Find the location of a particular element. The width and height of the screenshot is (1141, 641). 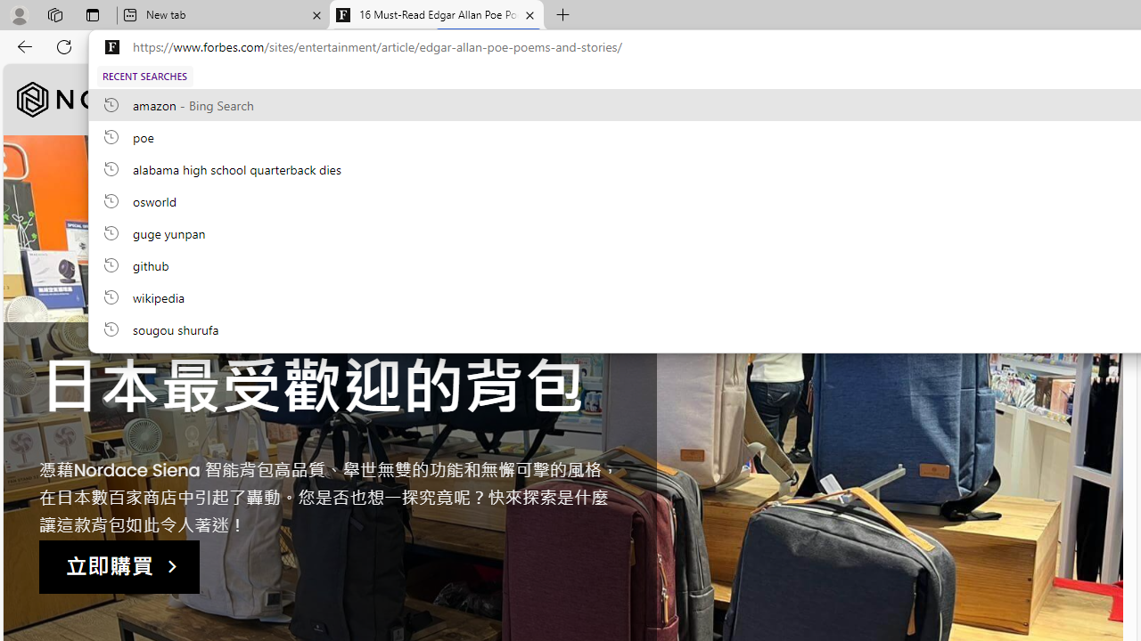

'16 Must-Read Edgar Allan Poe Poems And Short Stories' is located at coordinates (437, 15).